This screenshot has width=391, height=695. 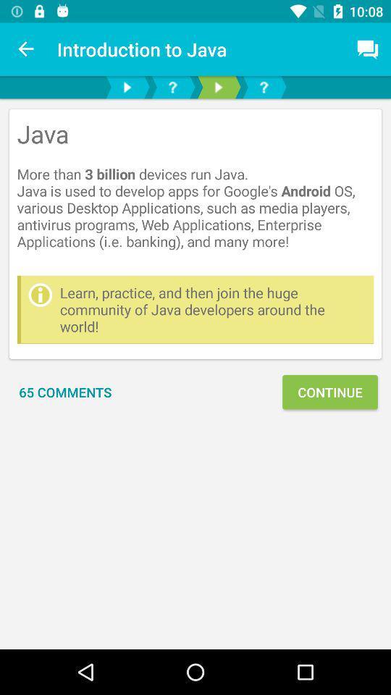 I want to click on the icon on the right, so click(x=329, y=392).